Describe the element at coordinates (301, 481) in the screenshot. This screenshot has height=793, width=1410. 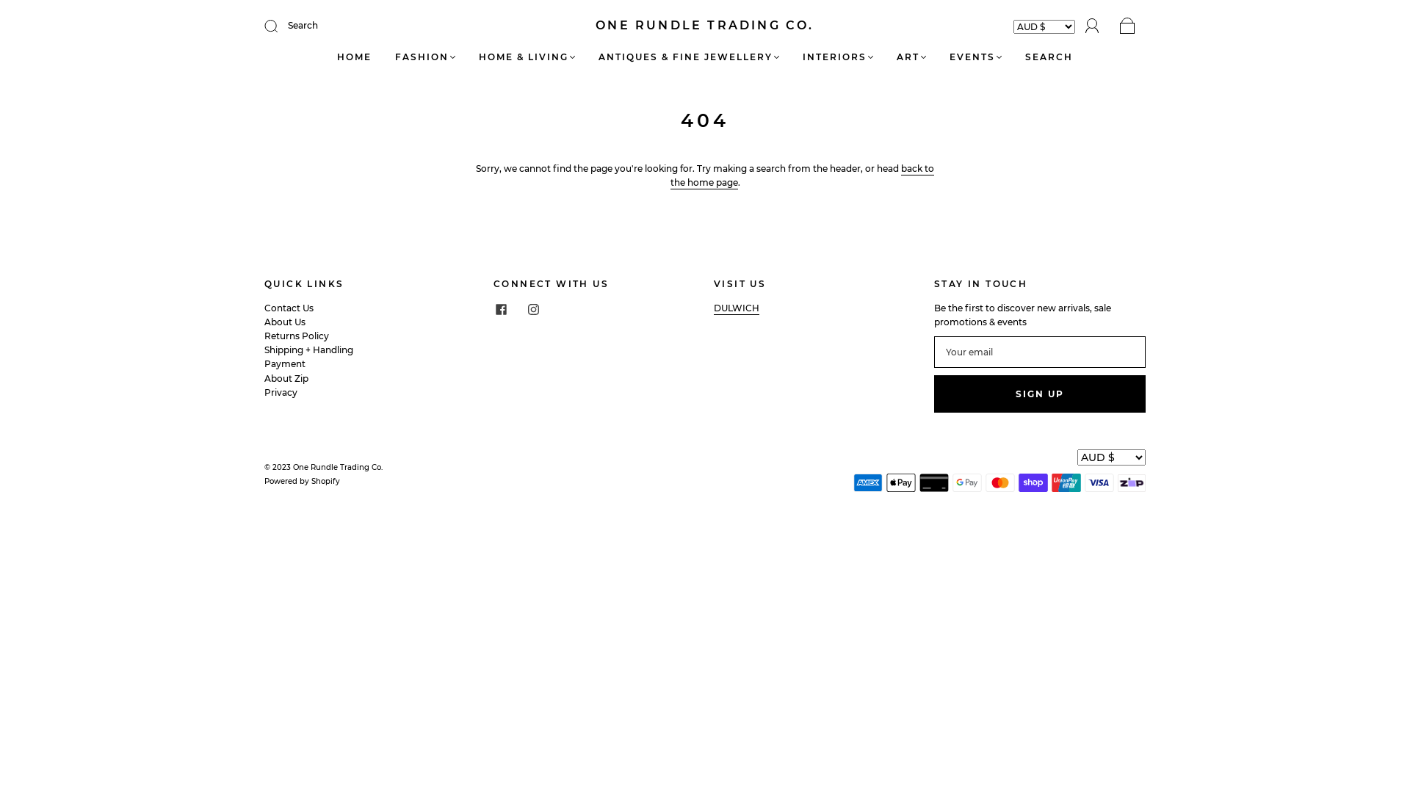
I see `'Powered by Shopify'` at that location.